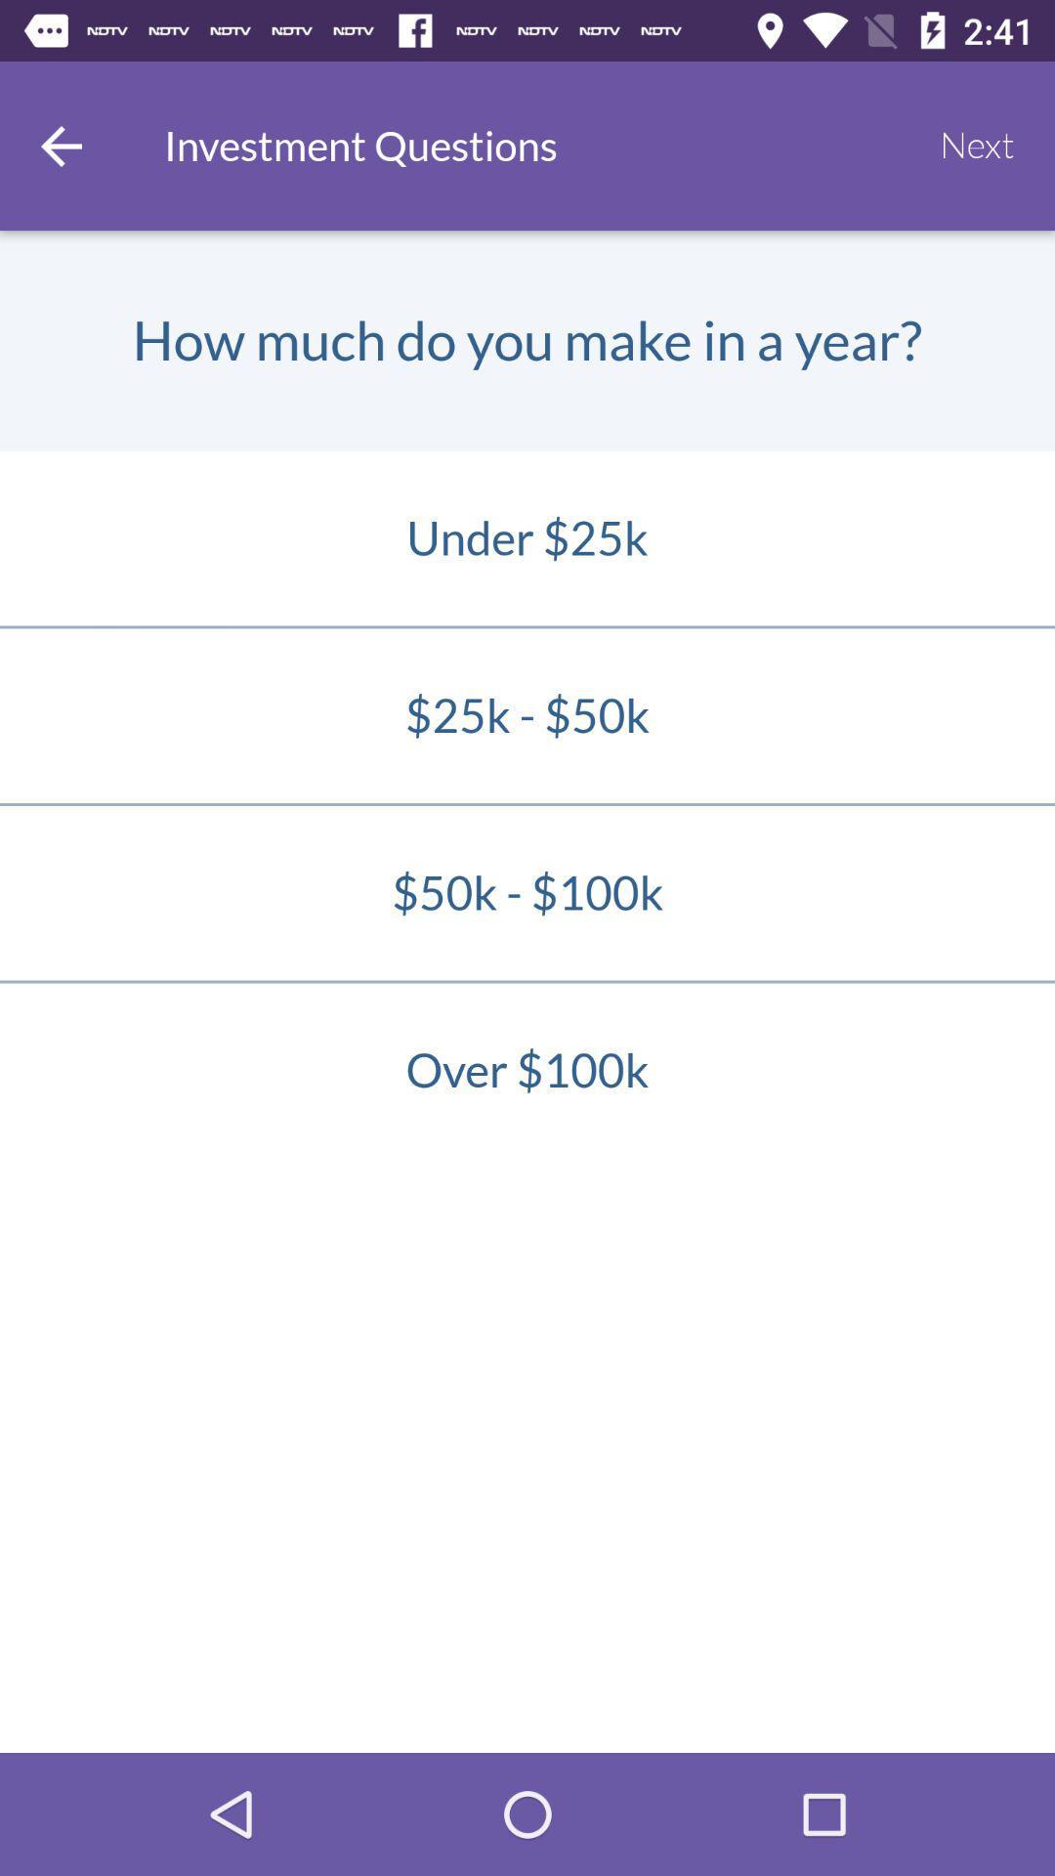 The width and height of the screenshot is (1055, 1876). I want to click on go back, so click(60, 145).